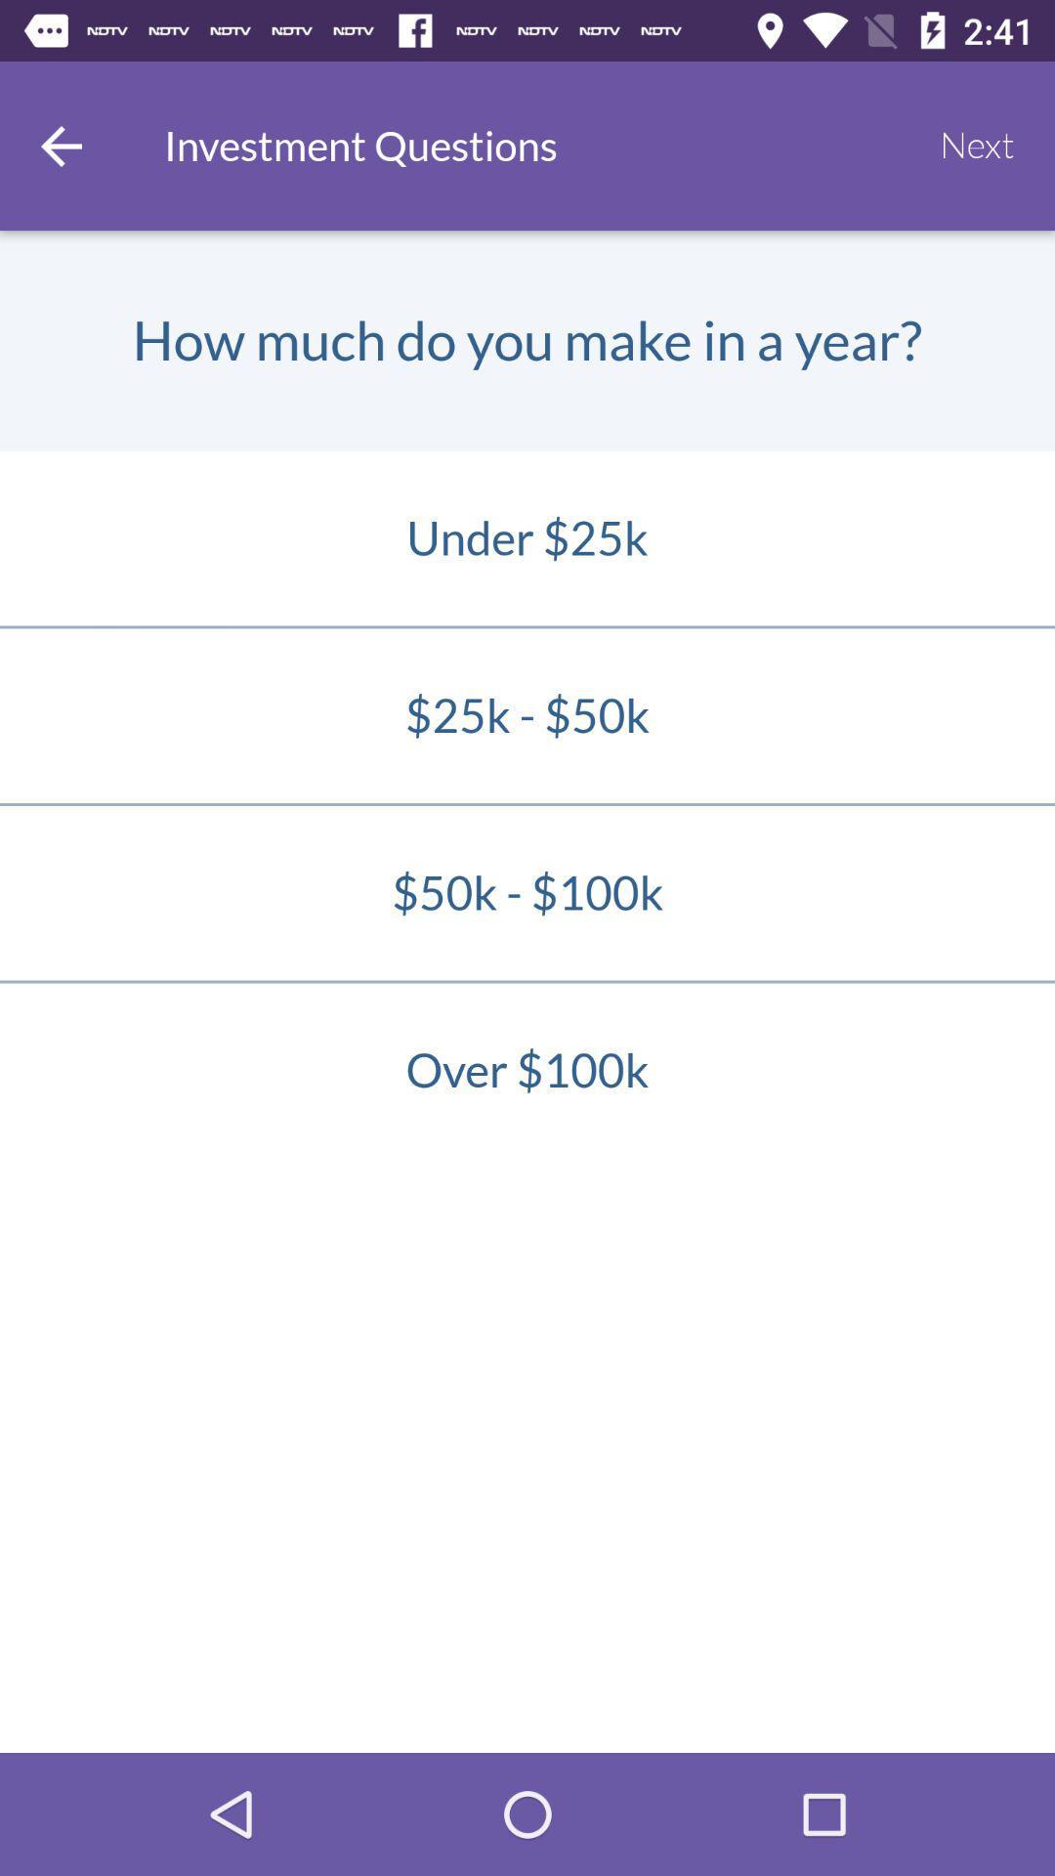 The width and height of the screenshot is (1055, 1876). I want to click on go back, so click(60, 145).